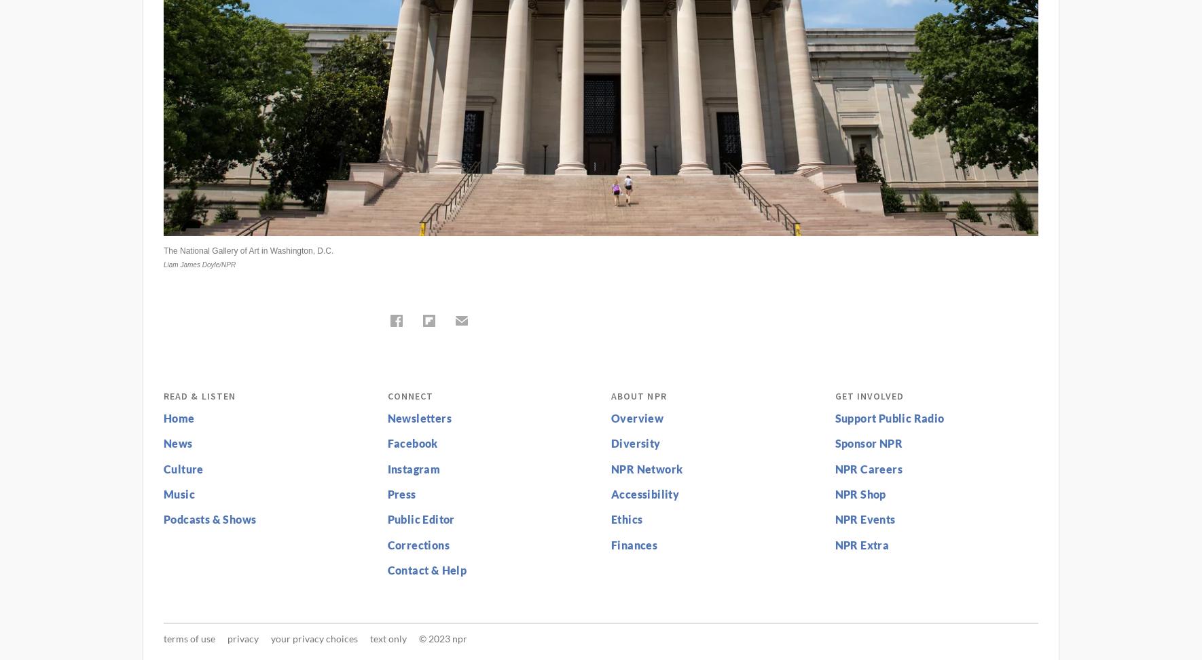 Image resolution: width=1202 pixels, height=660 pixels. Describe the element at coordinates (388, 637) in the screenshot. I see `'Text Only'` at that location.